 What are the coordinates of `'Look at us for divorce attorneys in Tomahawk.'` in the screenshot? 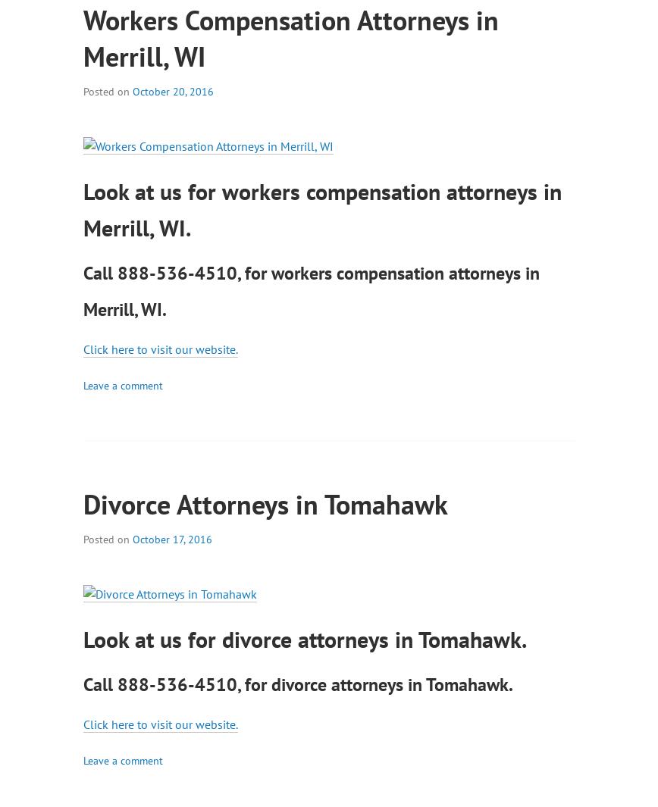 It's located at (305, 638).